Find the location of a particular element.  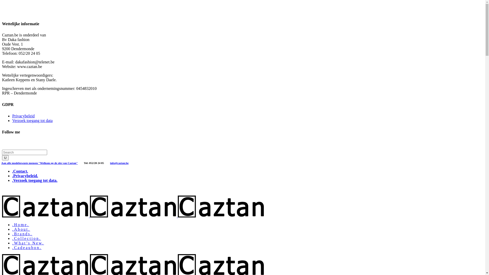

'Aan alle modebewuste mensen "Welkom op de site van Caztan"' is located at coordinates (39, 162).